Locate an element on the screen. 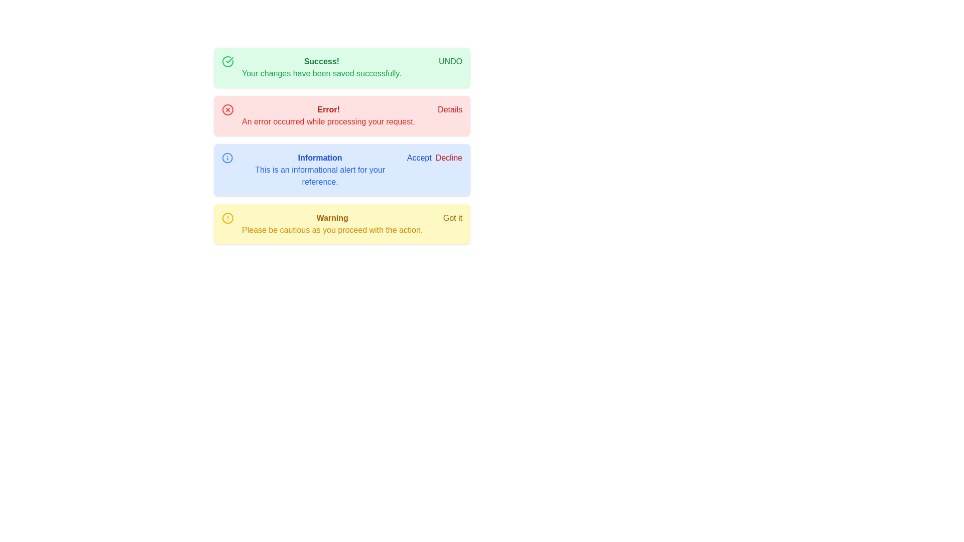 Image resolution: width=964 pixels, height=542 pixels. the hyperlink located is located at coordinates (449, 110).